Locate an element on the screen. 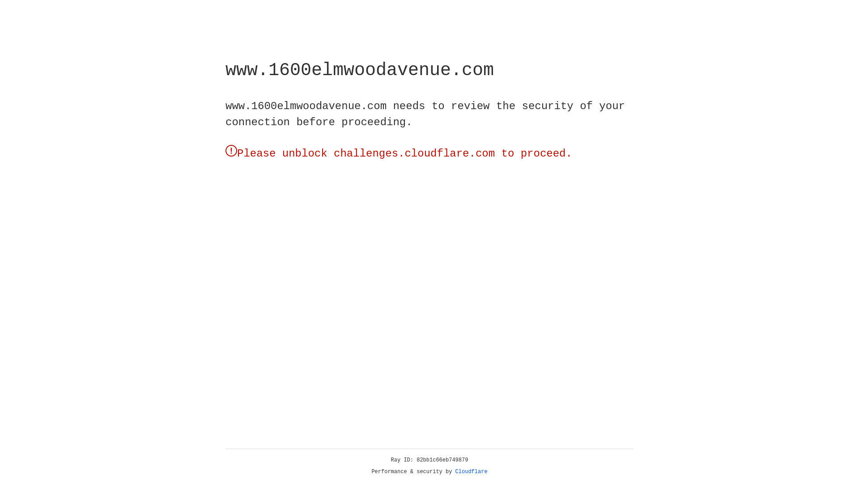 Image resolution: width=859 pixels, height=483 pixels. 'Cloudflare' is located at coordinates (471, 471).